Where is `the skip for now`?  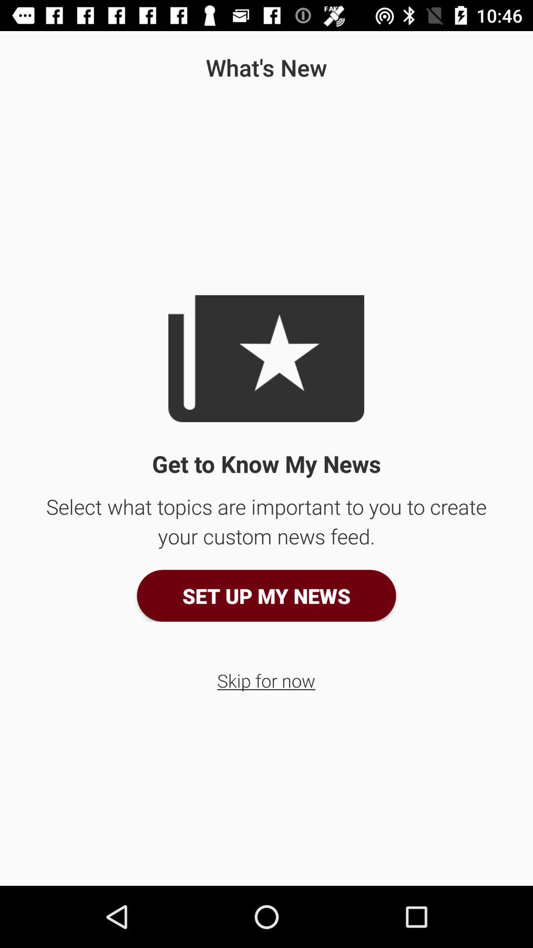 the skip for now is located at coordinates (266, 680).